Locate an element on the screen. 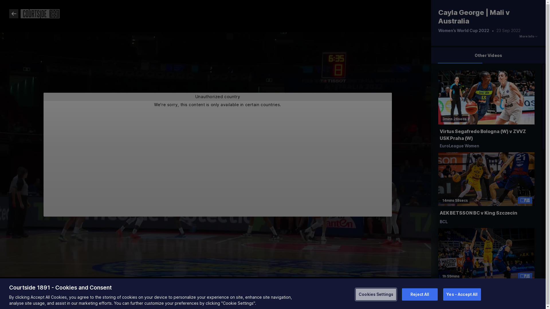  'Yes - Accept All' is located at coordinates (462, 294).